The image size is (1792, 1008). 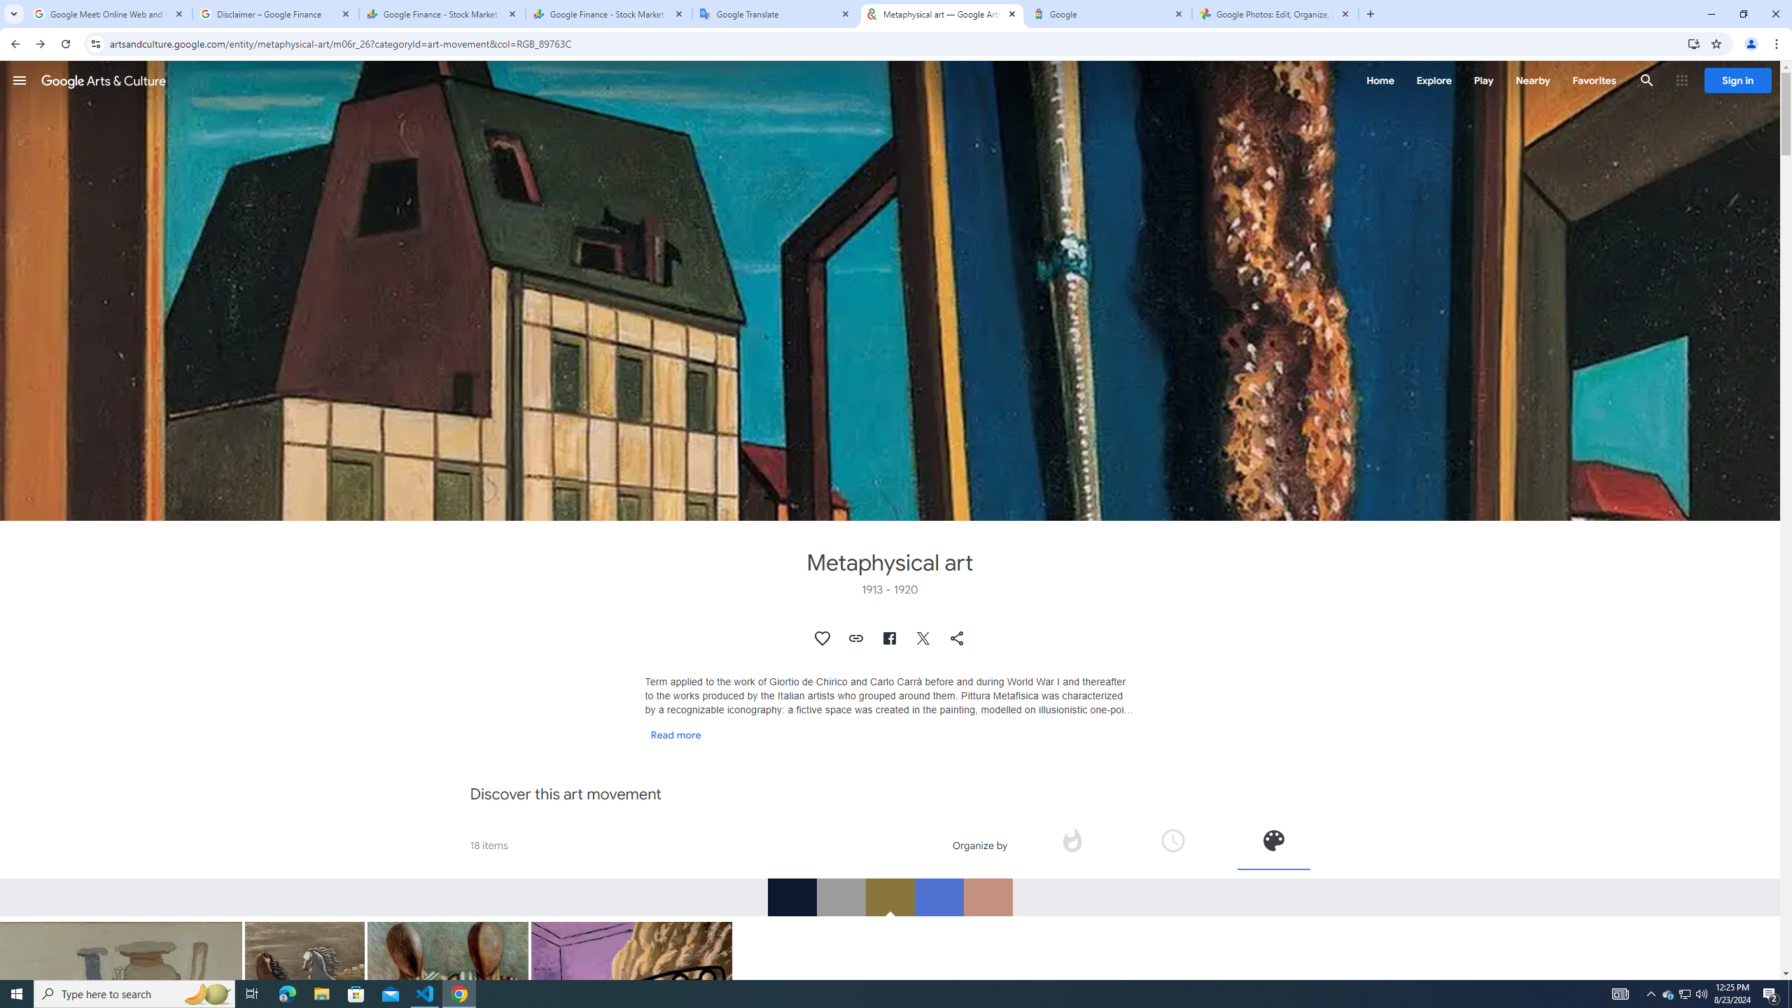 What do you see at coordinates (890, 896) in the screenshot?
I see `'RGB_89763C'` at bounding box center [890, 896].